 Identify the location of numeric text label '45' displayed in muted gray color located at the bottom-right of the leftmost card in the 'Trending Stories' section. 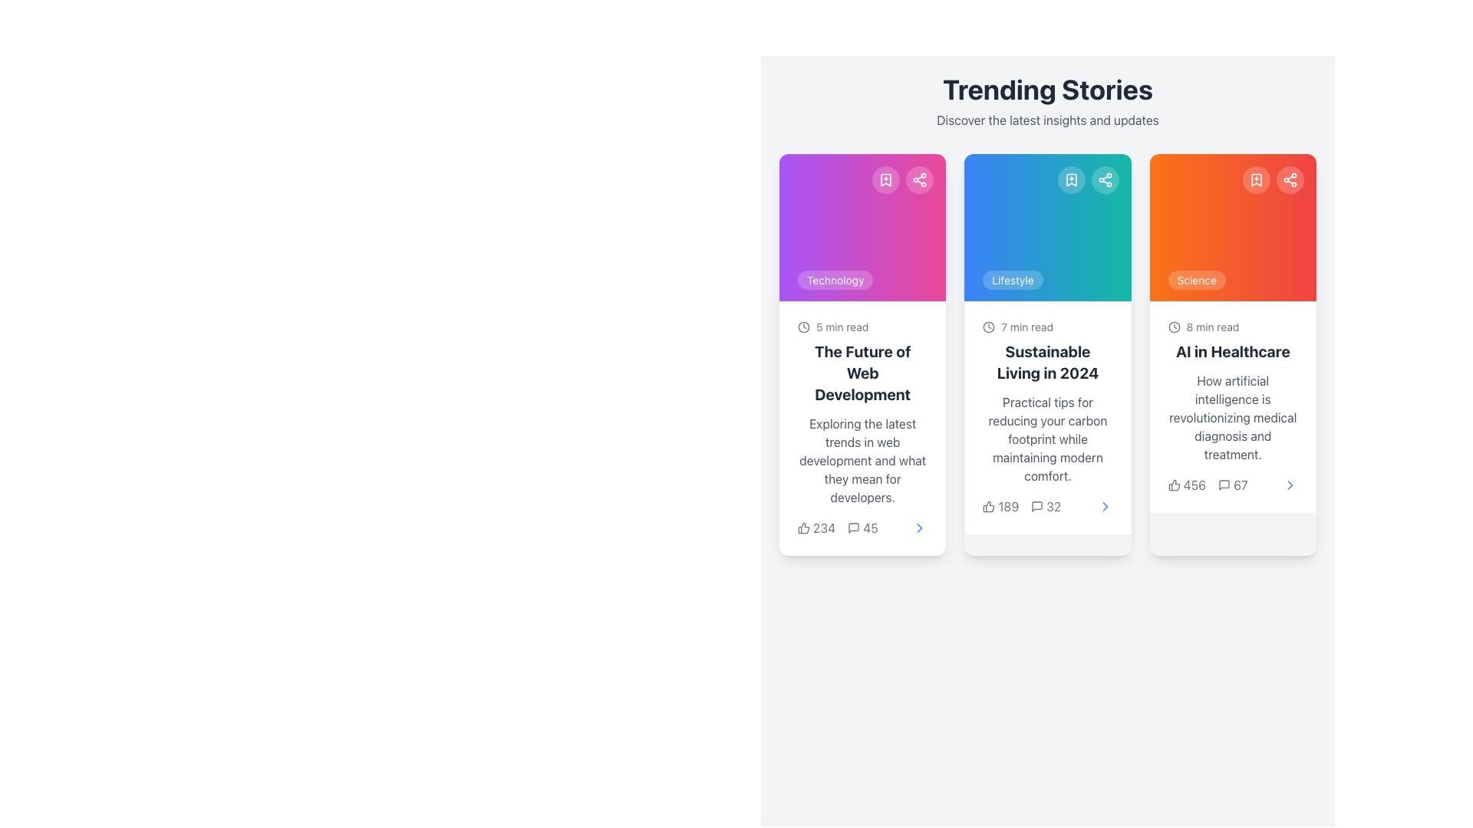
(870, 527).